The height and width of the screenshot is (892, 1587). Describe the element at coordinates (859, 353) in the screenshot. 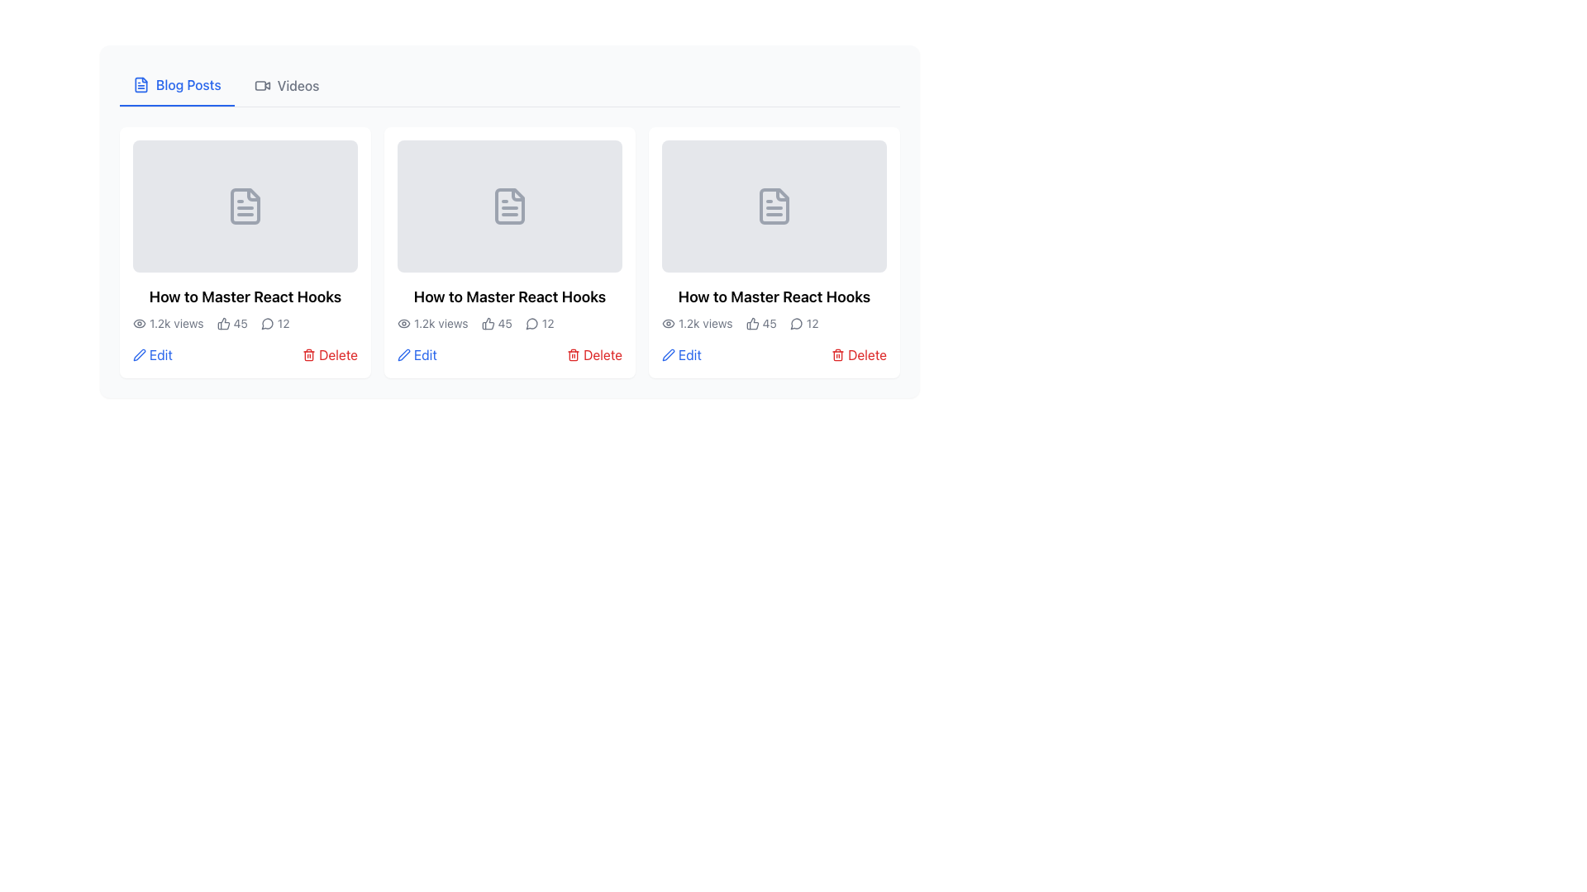

I see `the red 'Delete' button with a trash can icon located at the bottom-right of the last card` at that location.